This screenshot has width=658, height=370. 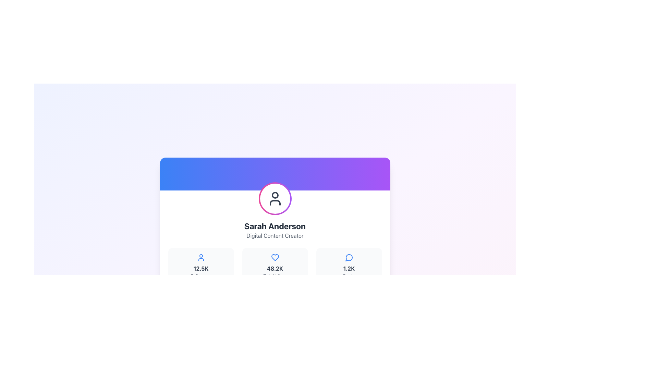 What do you see at coordinates (200, 268) in the screenshot?
I see `the text label displaying '12.5K', which is bold and dark gray, located between the user silhouette icon and the 'Followers' text` at bounding box center [200, 268].